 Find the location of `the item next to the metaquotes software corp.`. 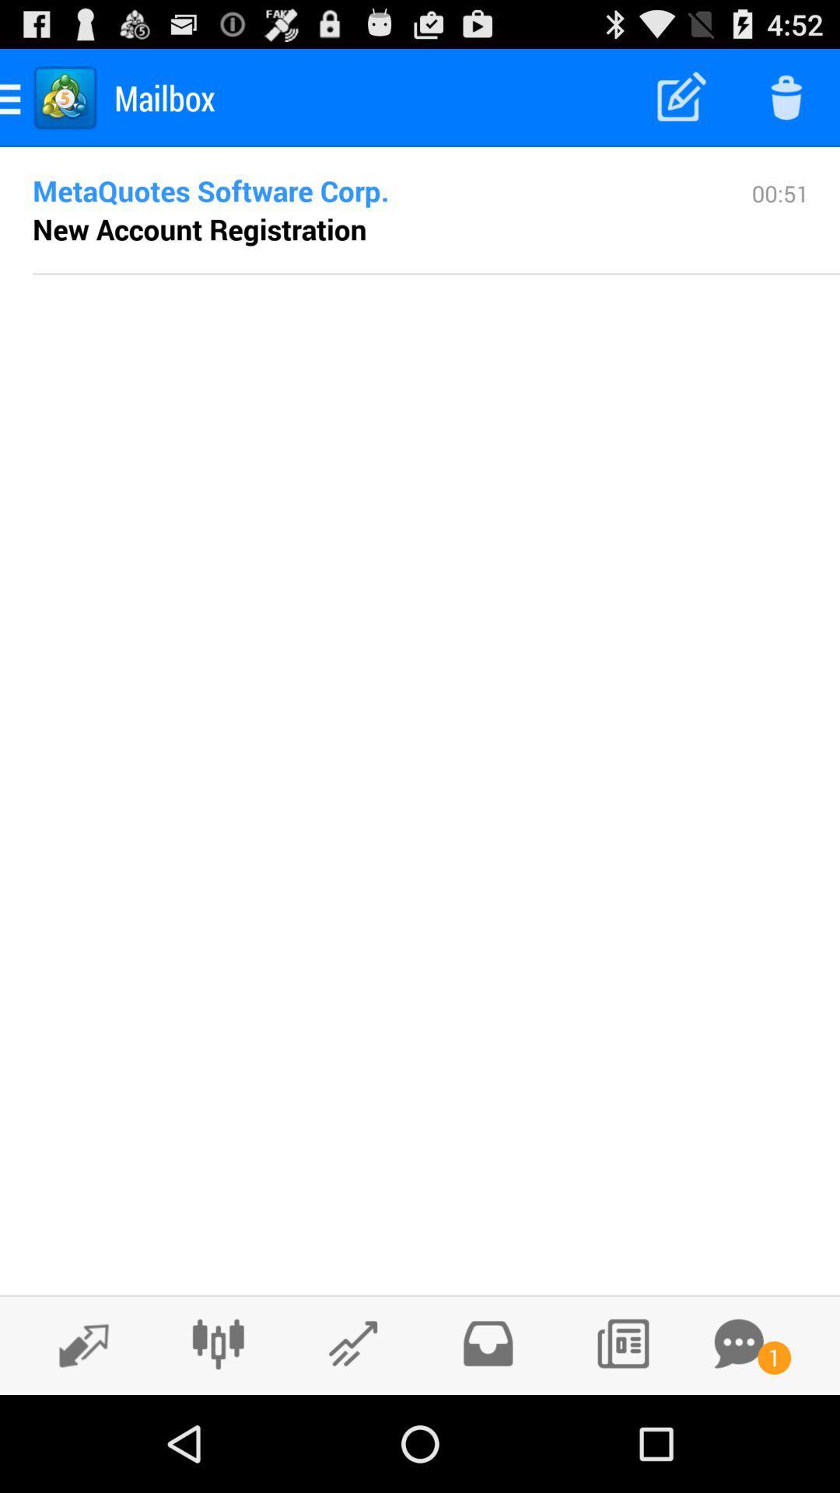

the item next to the metaquotes software corp. is located at coordinates (780, 224).